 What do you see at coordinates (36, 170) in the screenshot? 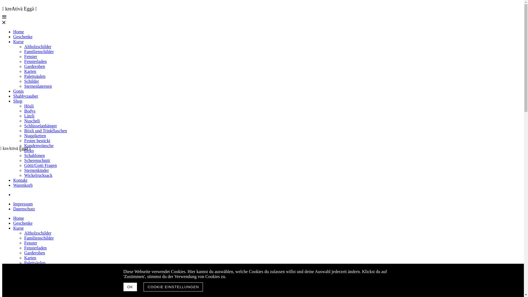
I see `'Sternenkinder'` at bounding box center [36, 170].